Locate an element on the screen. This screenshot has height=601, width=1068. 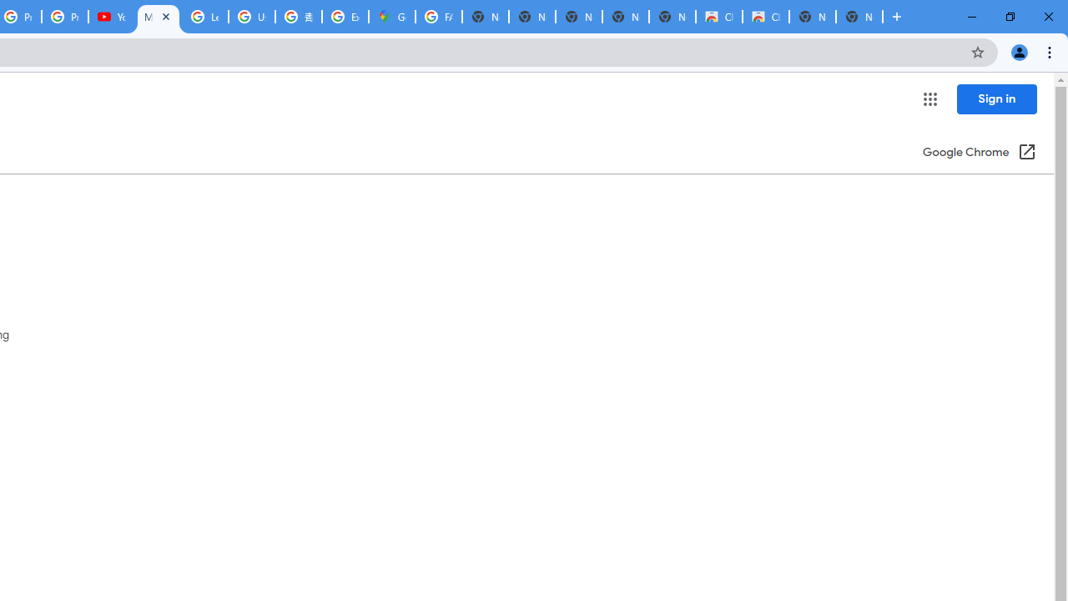
'New Tab' is located at coordinates (859, 17).